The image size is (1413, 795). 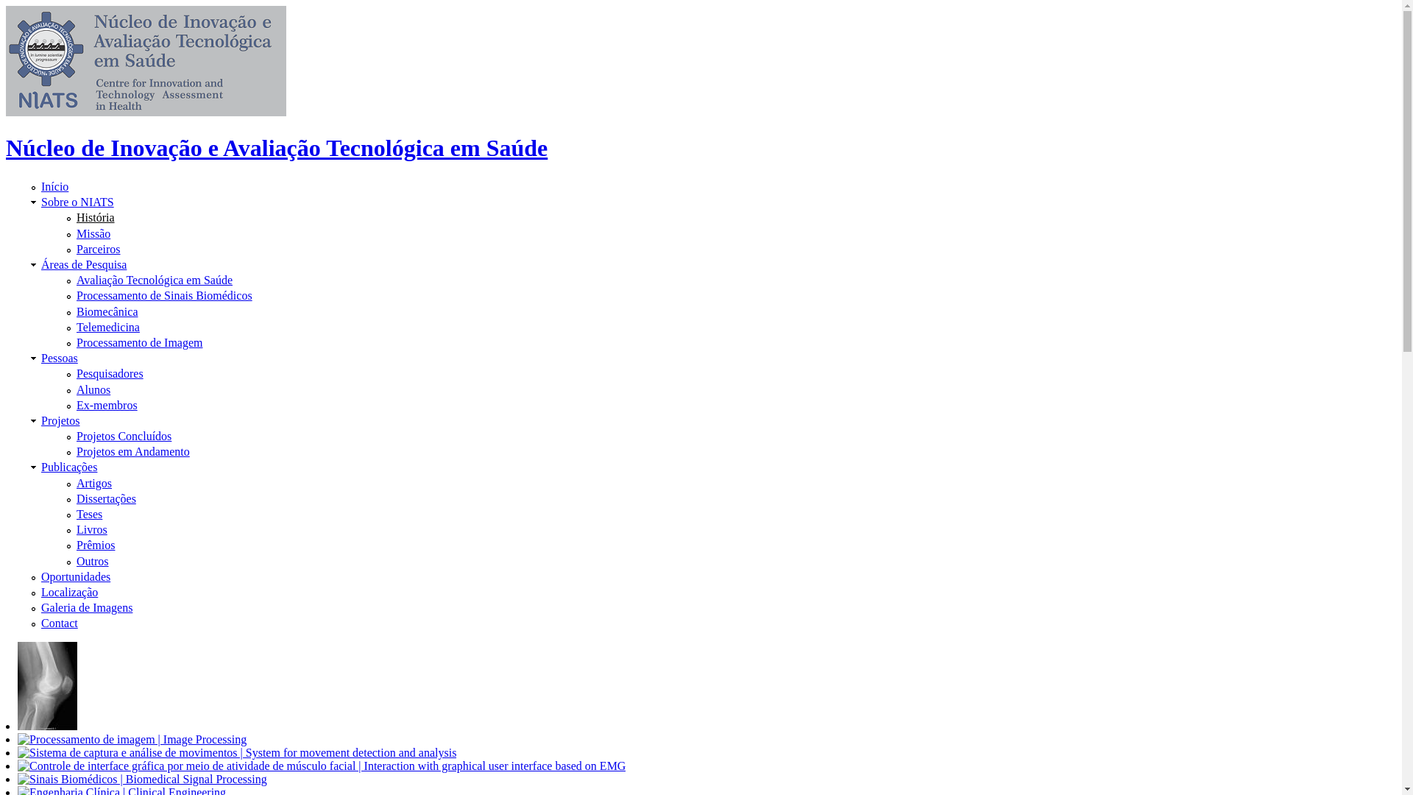 What do you see at coordinates (86, 607) in the screenshot?
I see `'Galeria de Imagens'` at bounding box center [86, 607].